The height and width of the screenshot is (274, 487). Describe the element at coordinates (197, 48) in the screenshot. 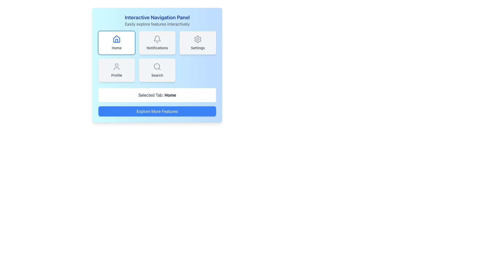

I see `the text label displaying 'Settings', which is styled with a small font size, medium weight, and gray color, located in the top-right section of the layout below a gear icon` at that location.